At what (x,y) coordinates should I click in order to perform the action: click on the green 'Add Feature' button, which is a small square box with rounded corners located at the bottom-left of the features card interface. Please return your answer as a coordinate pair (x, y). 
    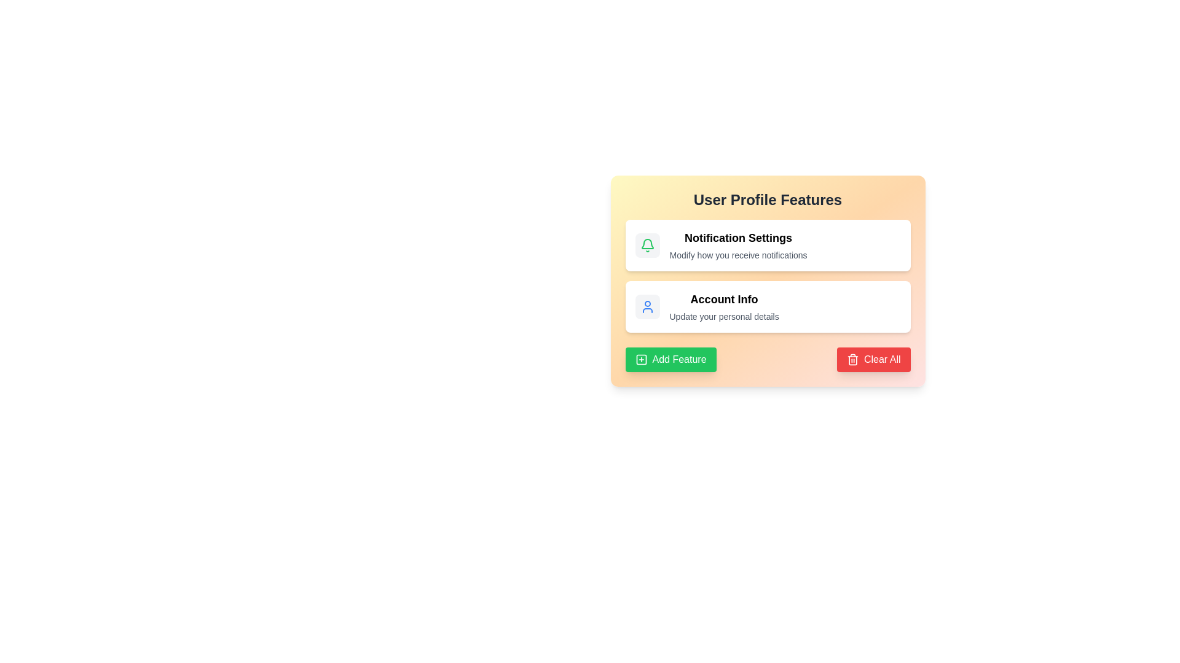
    Looking at the image, I should click on (640, 359).